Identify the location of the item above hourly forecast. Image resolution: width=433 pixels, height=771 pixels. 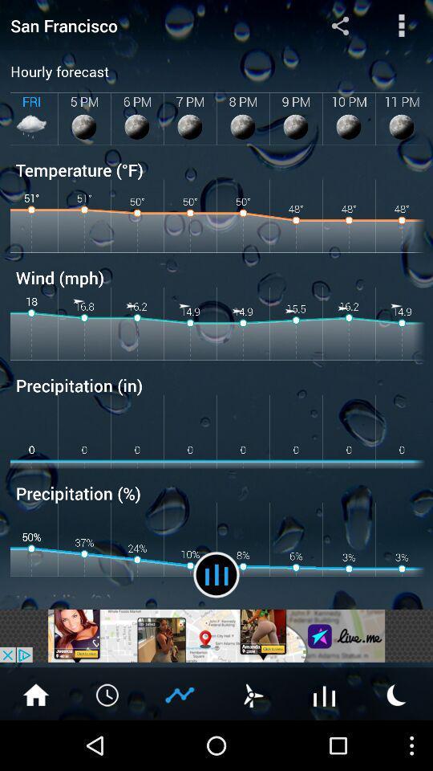
(144, 24).